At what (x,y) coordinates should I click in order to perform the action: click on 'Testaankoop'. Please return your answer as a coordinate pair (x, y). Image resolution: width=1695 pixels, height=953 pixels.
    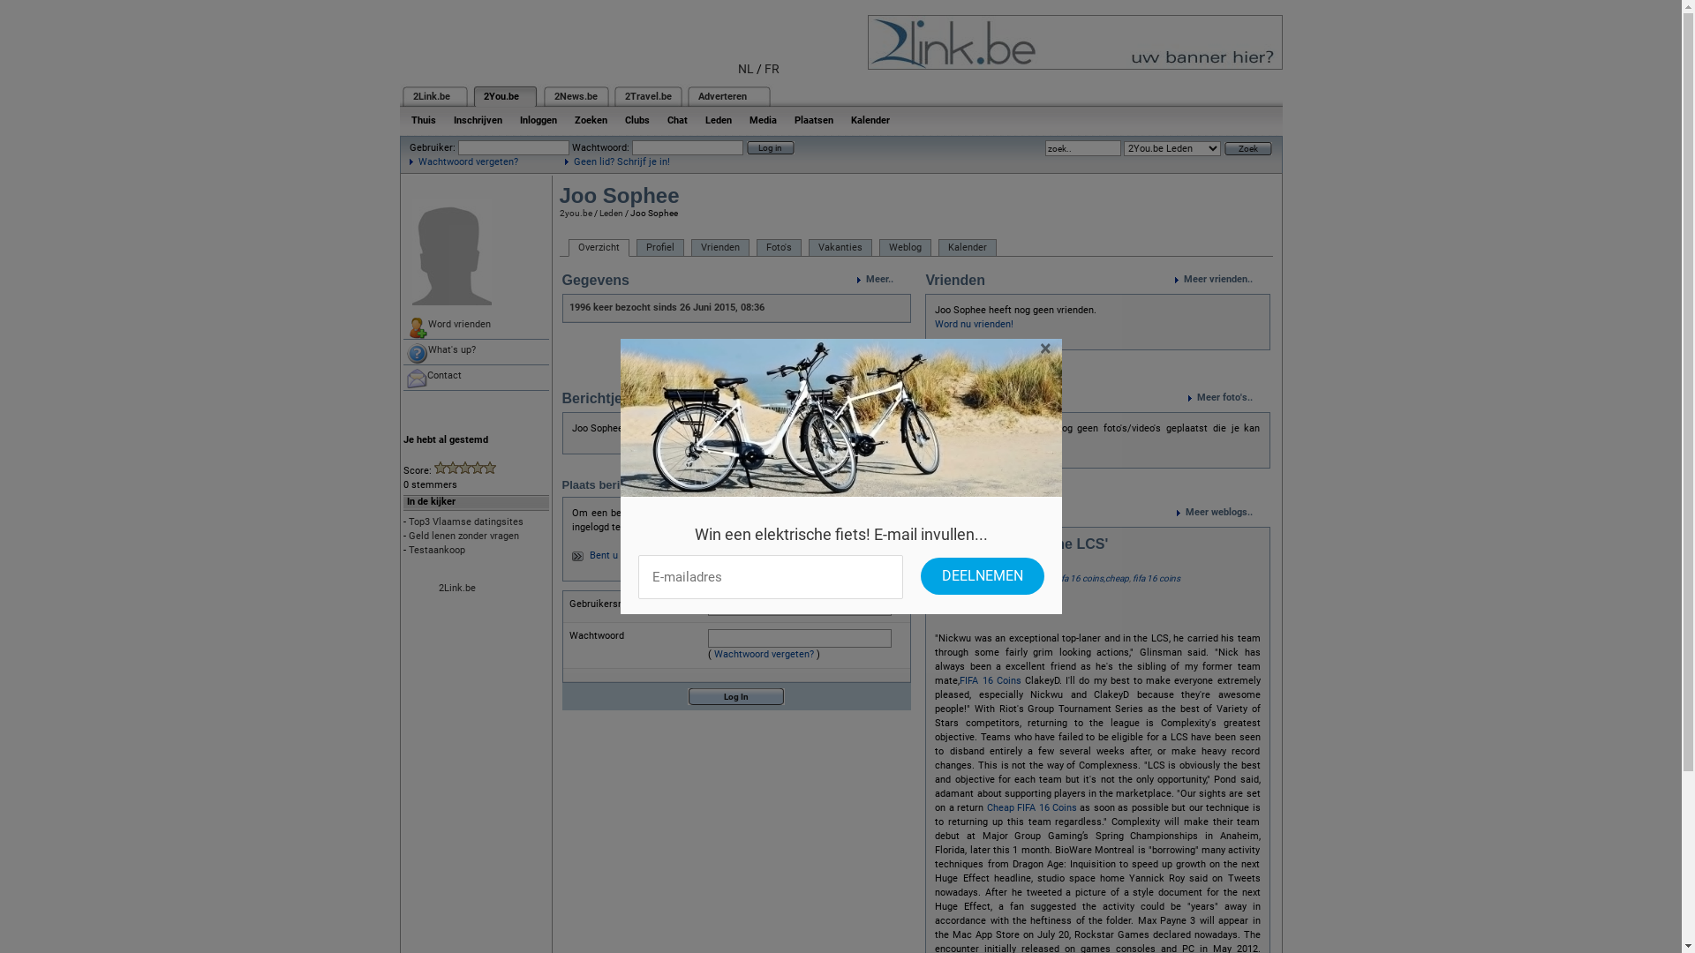
    Looking at the image, I should click on (436, 549).